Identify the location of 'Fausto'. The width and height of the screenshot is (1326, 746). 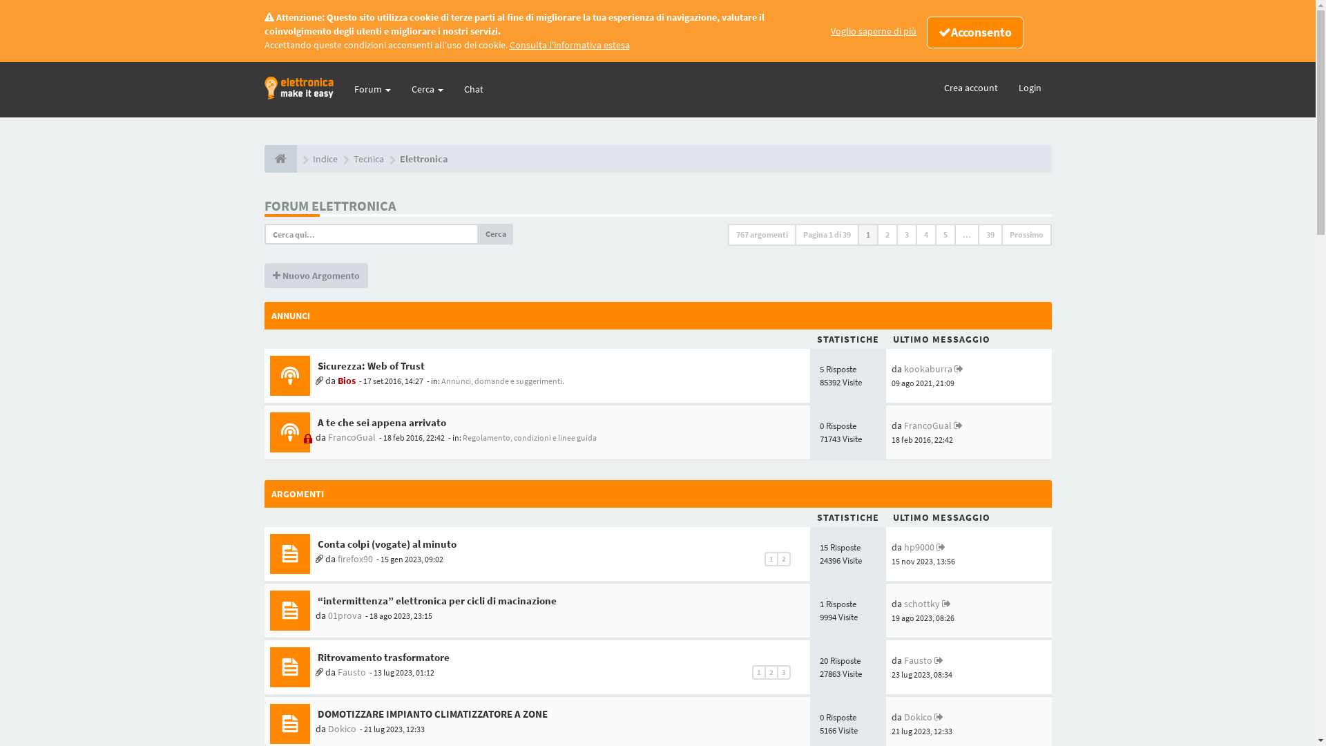
(337, 671).